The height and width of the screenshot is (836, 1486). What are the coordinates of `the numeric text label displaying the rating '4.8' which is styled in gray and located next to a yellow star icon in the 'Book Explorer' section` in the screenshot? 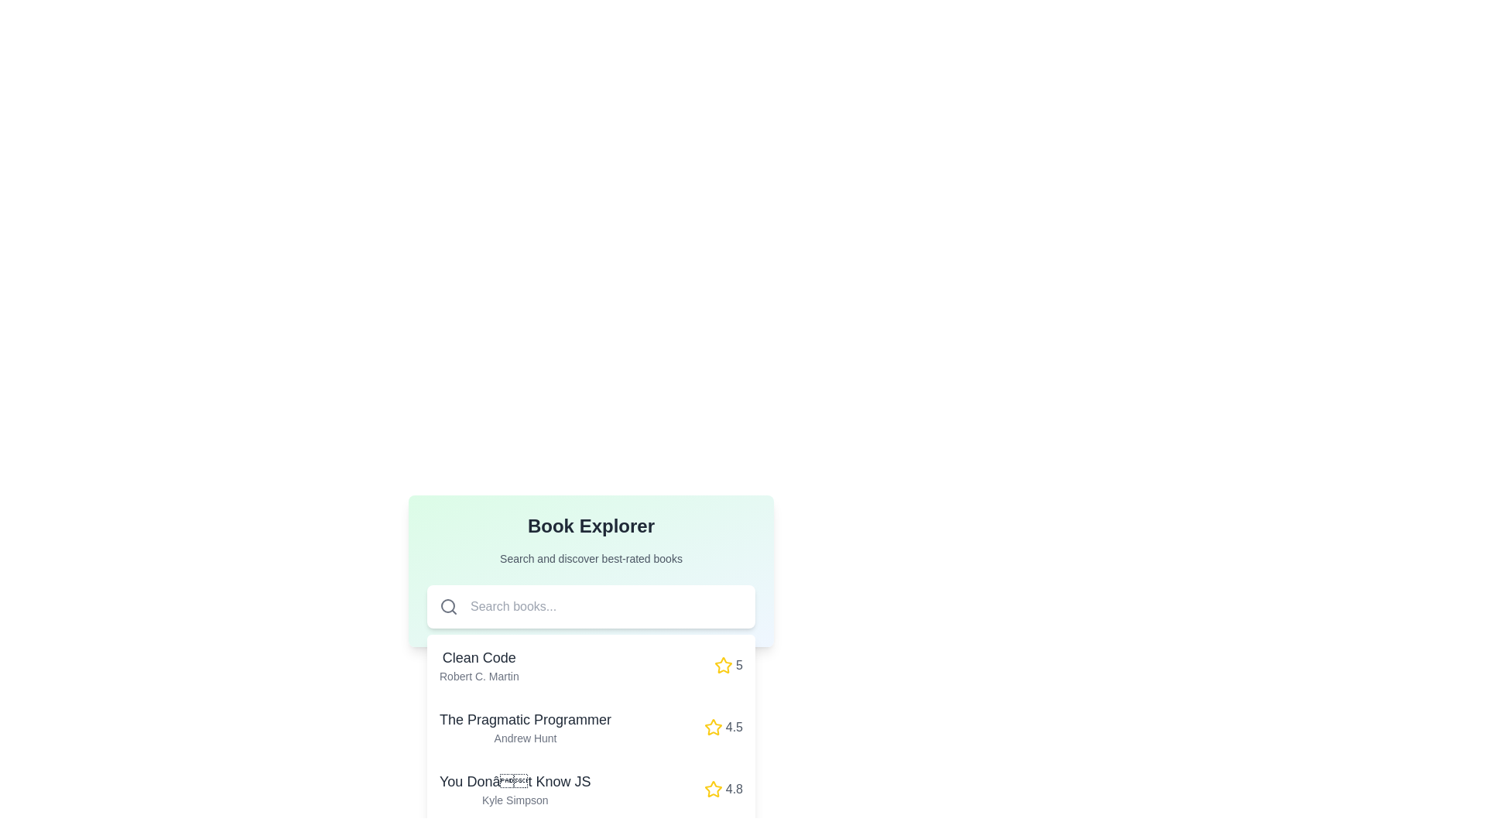 It's located at (733, 789).